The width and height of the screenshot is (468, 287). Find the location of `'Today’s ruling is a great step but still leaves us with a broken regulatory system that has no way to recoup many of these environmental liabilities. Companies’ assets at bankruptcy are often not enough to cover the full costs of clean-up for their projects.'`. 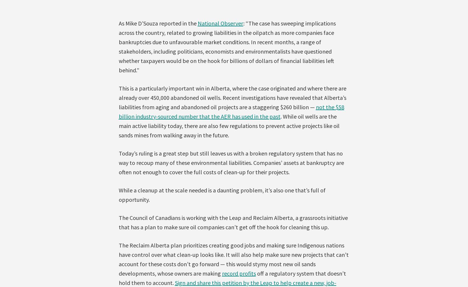

'Today’s ruling is a great step but still leaves us with a broken regulatory system that has no way to recoup many of these environmental liabilities. Companies’ assets at bankruptcy are often not enough to cover the full costs of clean-up for their projects.' is located at coordinates (231, 162).